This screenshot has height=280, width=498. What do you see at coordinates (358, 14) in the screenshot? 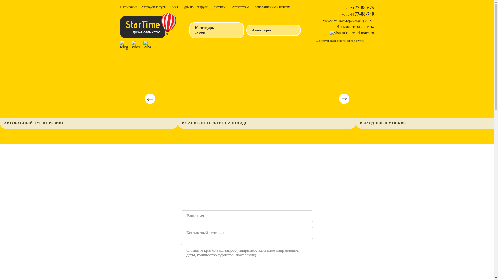
I see `'+375 44 77-88-740'` at bounding box center [358, 14].